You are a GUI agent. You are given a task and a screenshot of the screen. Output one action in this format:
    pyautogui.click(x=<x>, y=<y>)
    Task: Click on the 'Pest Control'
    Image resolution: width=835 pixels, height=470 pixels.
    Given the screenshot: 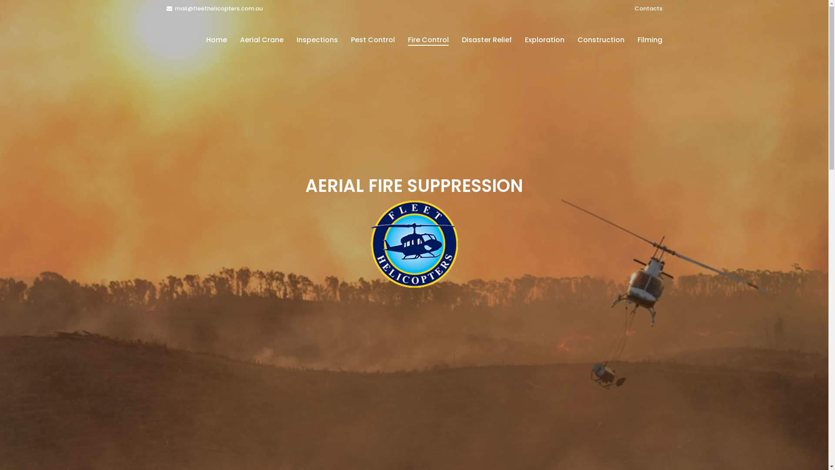 What is the action you would take?
    pyautogui.click(x=373, y=40)
    